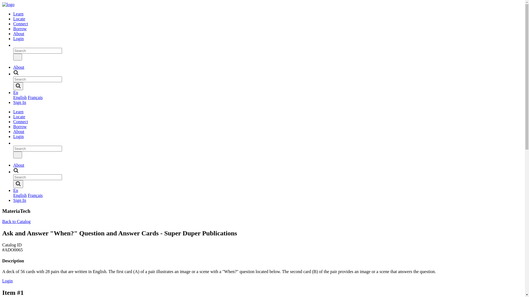  Describe the element at coordinates (20, 127) in the screenshot. I see `'Borrow'` at that location.